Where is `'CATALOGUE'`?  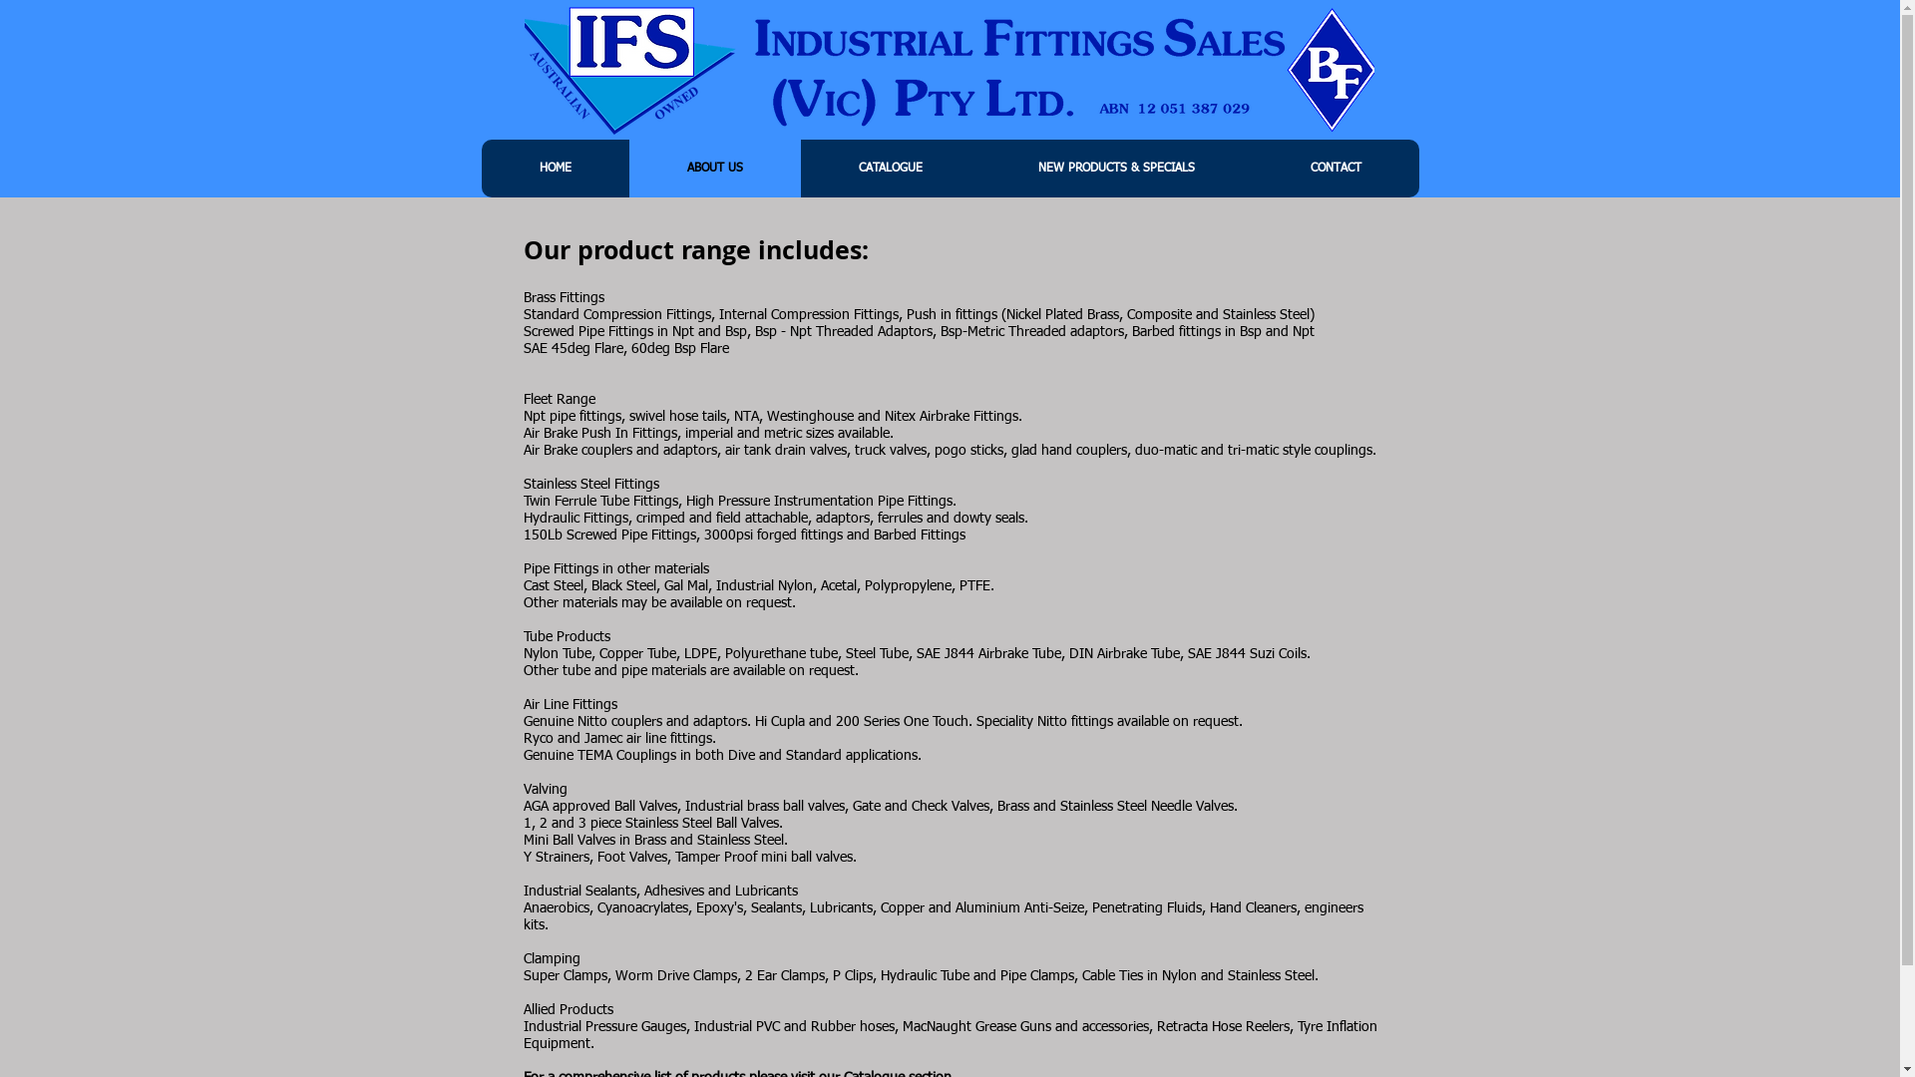
'CATALOGUE' is located at coordinates (889, 168).